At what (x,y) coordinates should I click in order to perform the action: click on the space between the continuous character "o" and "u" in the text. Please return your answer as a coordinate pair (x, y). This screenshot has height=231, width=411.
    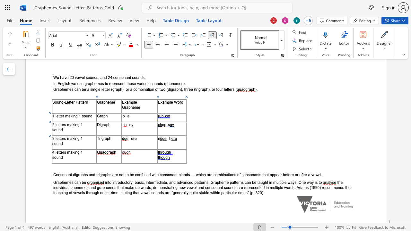
    Looking at the image, I should click on (56, 143).